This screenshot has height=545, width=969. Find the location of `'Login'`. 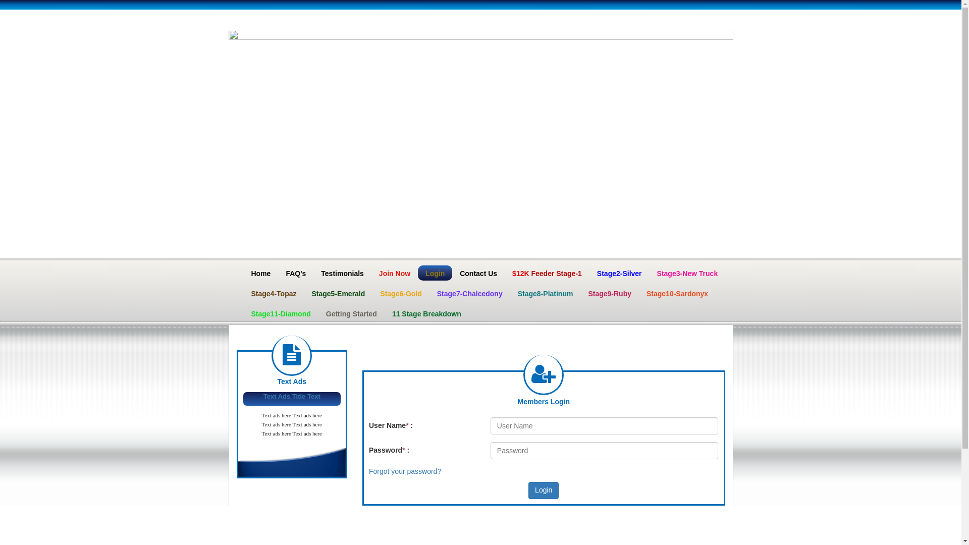

'Login' is located at coordinates (435, 272).